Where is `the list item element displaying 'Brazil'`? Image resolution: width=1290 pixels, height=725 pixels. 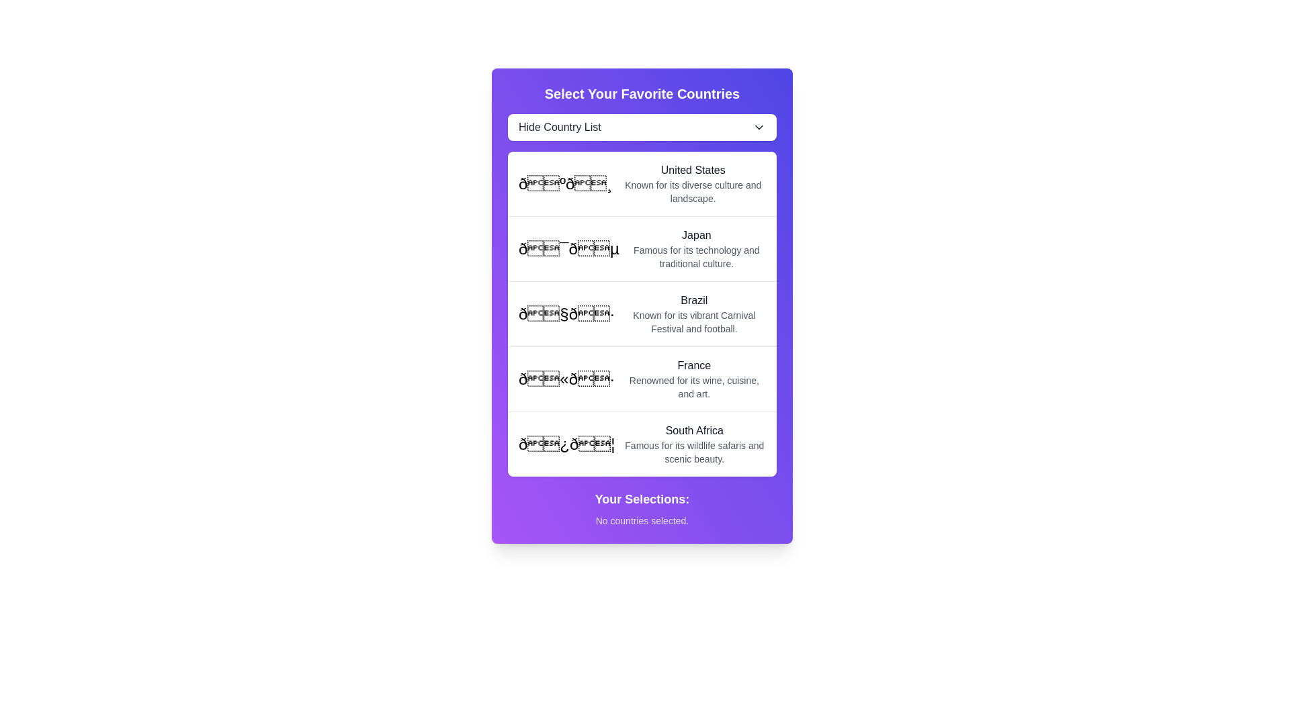
the list item element displaying 'Brazil' is located at coordinates (641, 313).